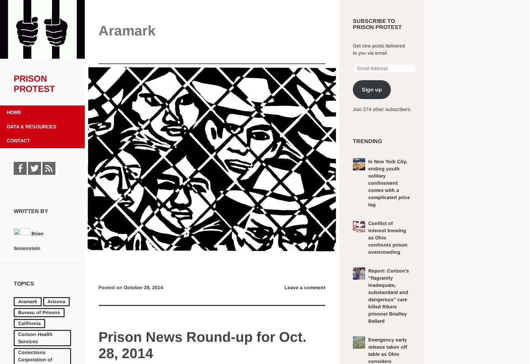 The height and width of the screenshot is (364, 530). What do you see at coordinates (379, 49) in the screenshot?
I see `'Get new posts delivered to you via email'` at bounding box center [379, 49].